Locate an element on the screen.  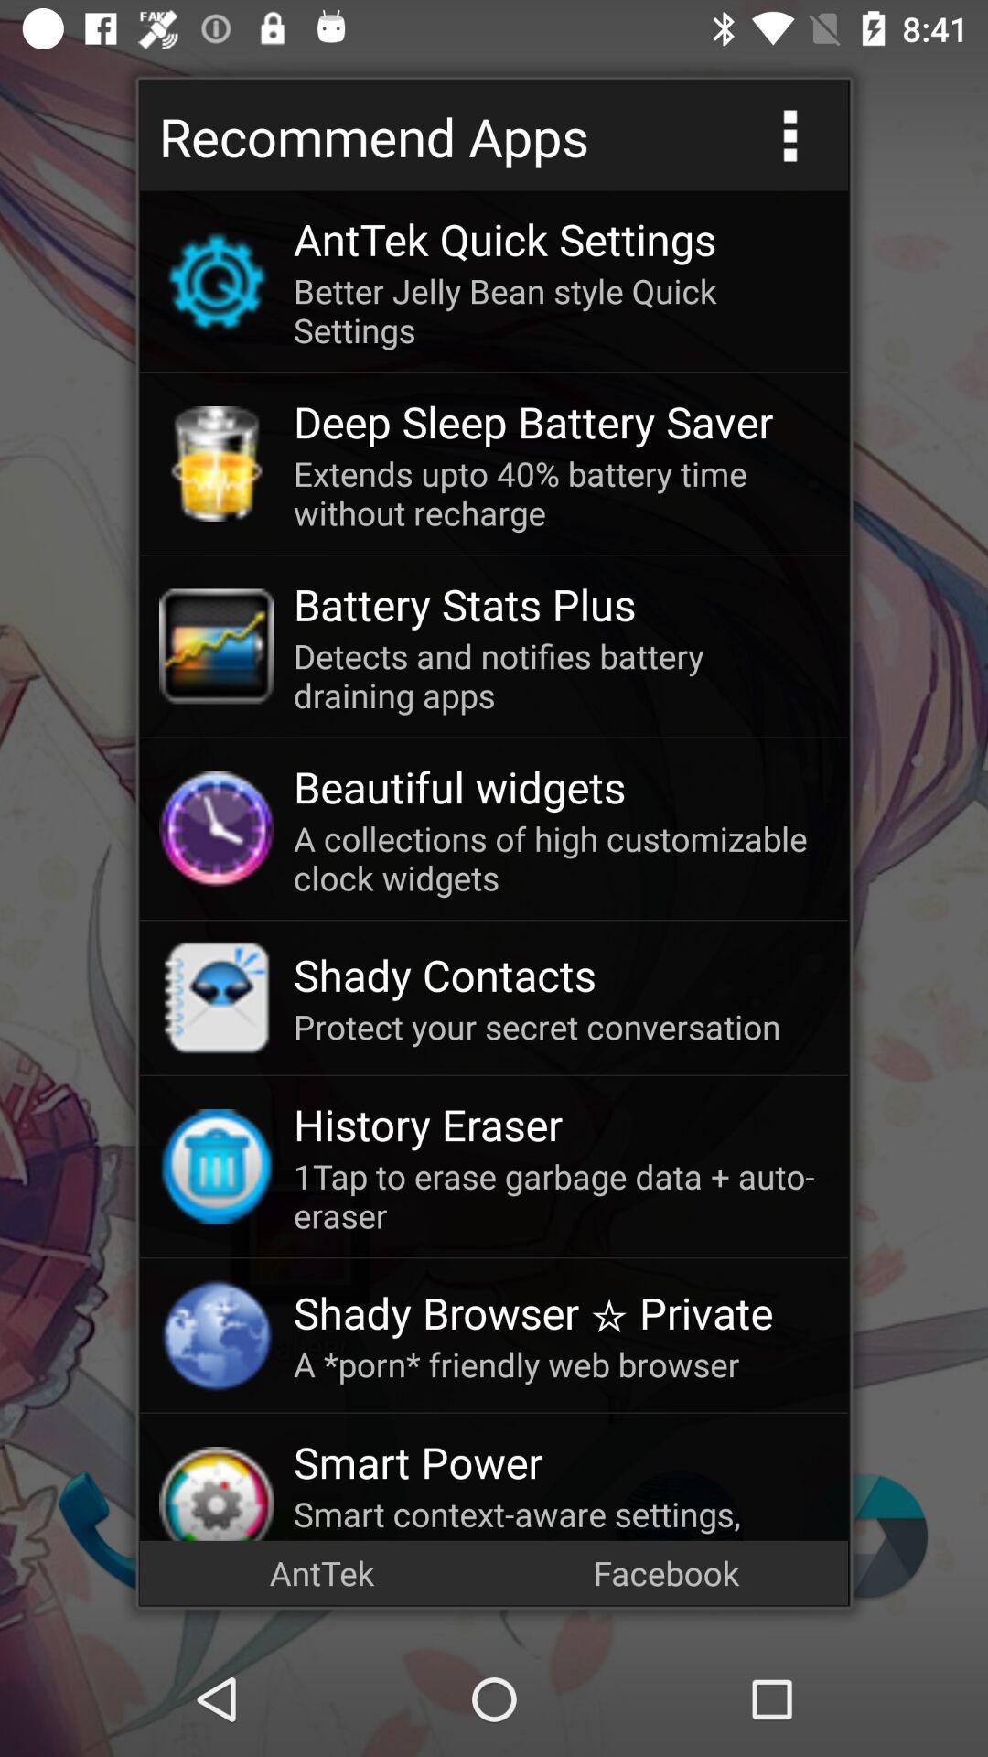
item above the protect your secret icon is located at coordinates (560, 974).